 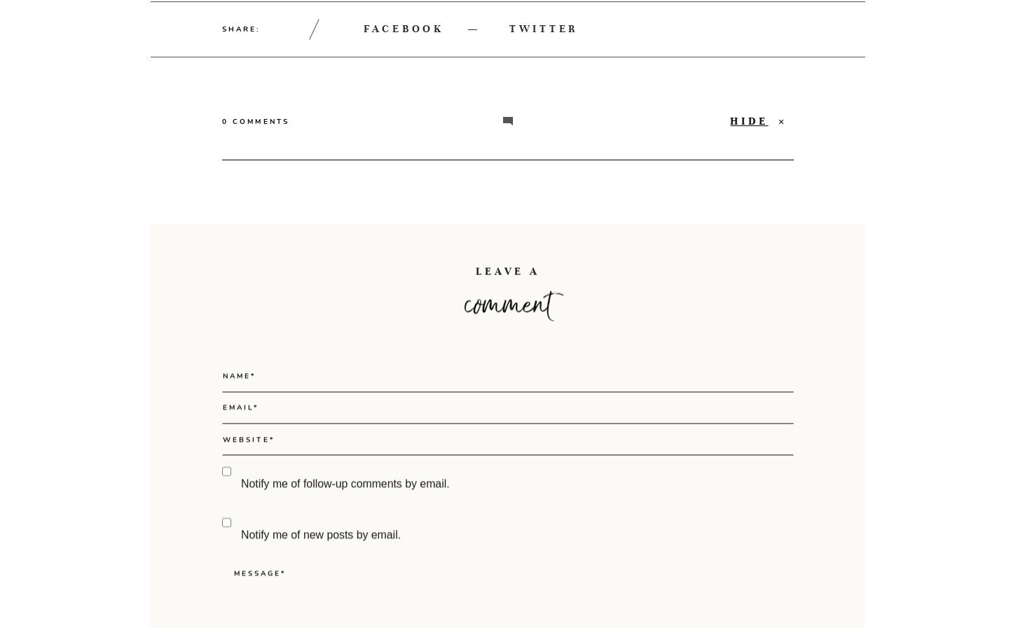 What do you see at coordinates (320, 593) in the screenshot?
I see `'Notify me of new posts by email.'` at bounding box center [320, 593].